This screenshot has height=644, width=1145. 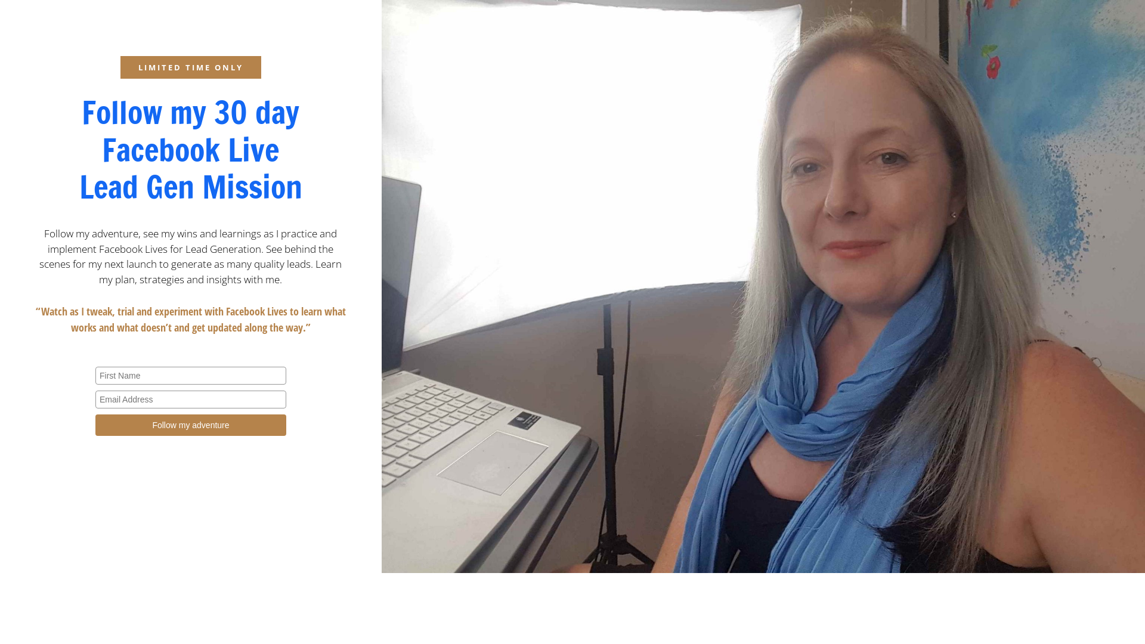 What do you see at coordinates (191, 425) in the screenshot?
I see `'Follow my adventure'` at bounding box center [191, 425].